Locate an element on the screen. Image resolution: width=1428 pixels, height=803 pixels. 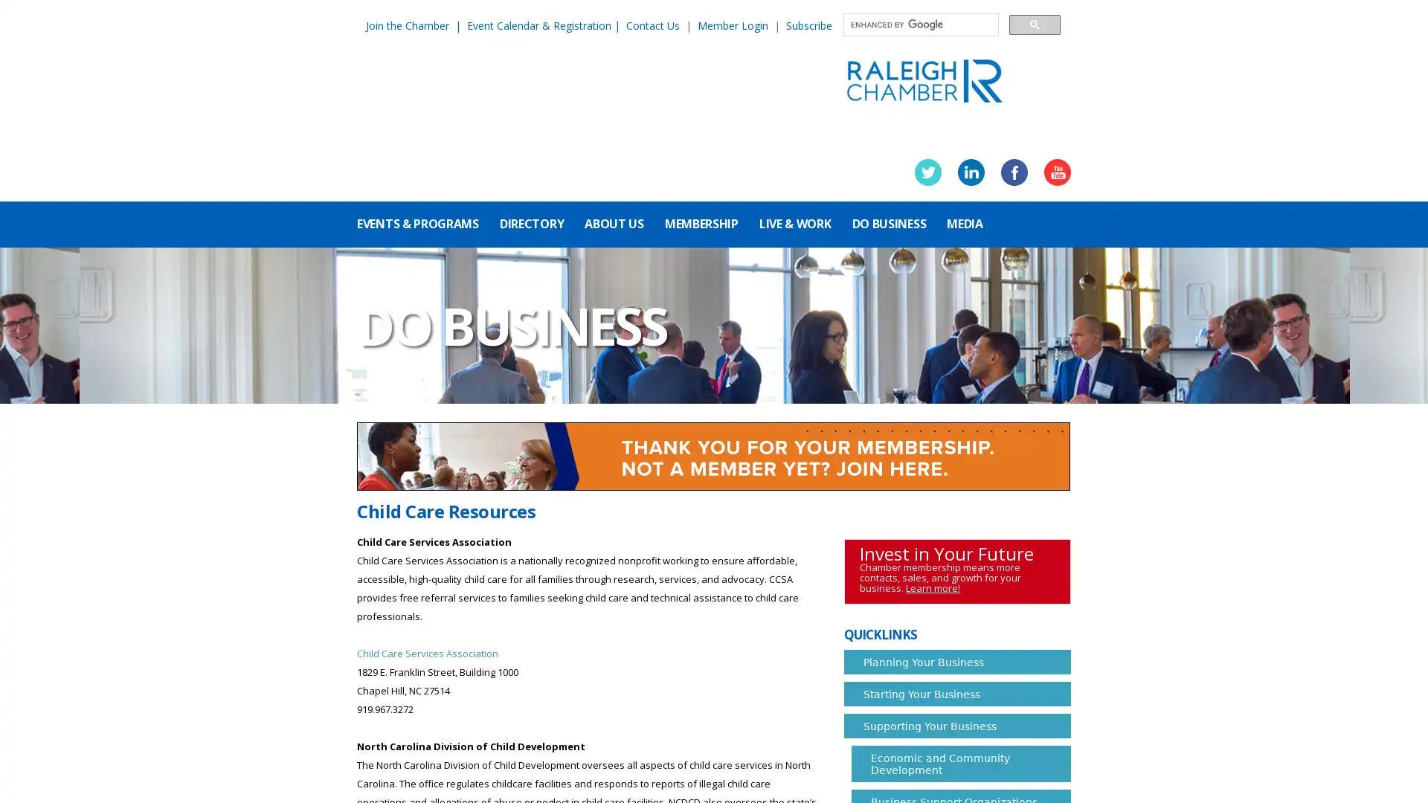
search is located at coordinates (1034, 24).